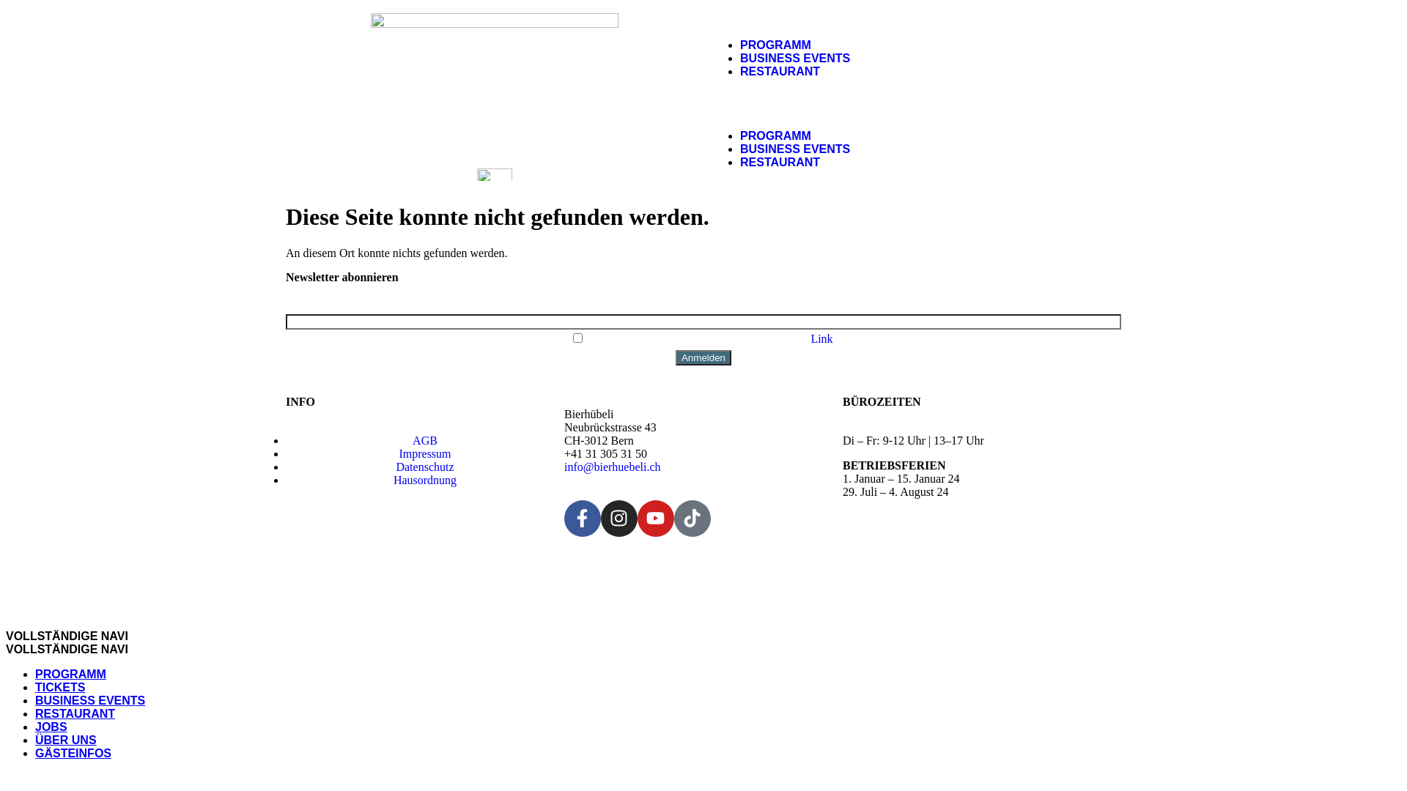  Describe the element at coordinates (424, 453) in the screenshot. I see `'Impressum'` at that location.